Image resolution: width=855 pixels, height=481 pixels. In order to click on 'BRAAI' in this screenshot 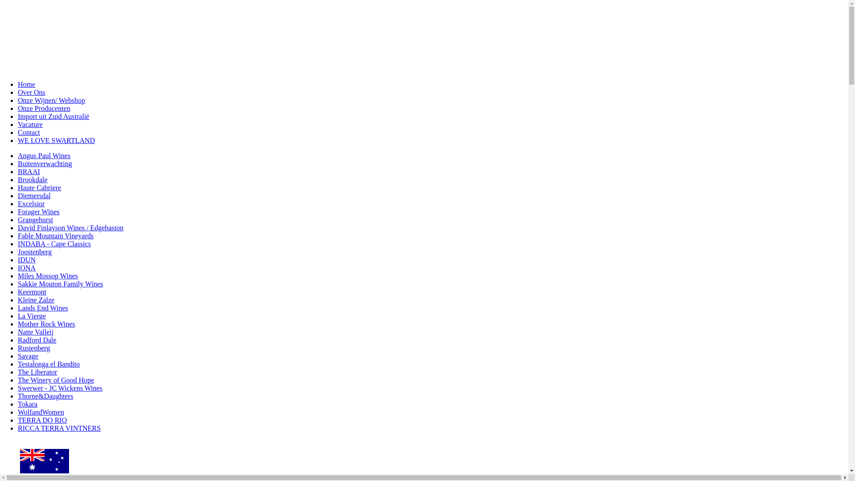, I will do `click(29, 171)`.